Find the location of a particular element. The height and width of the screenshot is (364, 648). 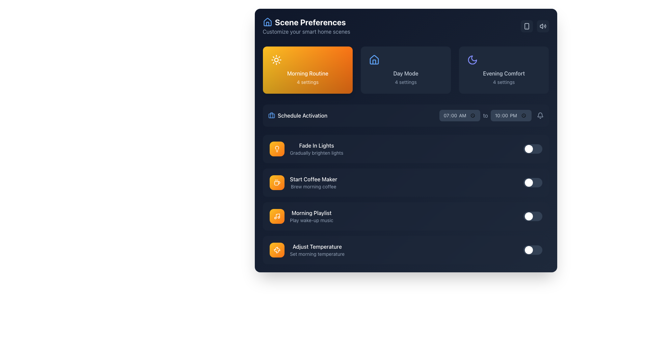

the toggle switch for 'Start Coffee Maker' to change its state is located at coordinates (532, 183).